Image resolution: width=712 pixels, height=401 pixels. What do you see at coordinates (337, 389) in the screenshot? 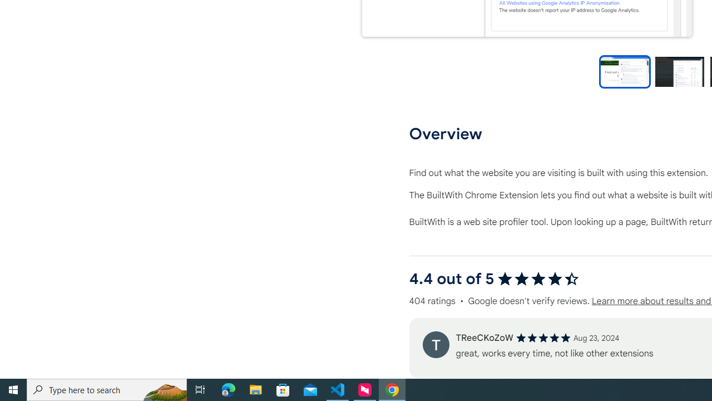
I see `'Visual Studio Code - 1 running window'` at bounding box center [337, 389].